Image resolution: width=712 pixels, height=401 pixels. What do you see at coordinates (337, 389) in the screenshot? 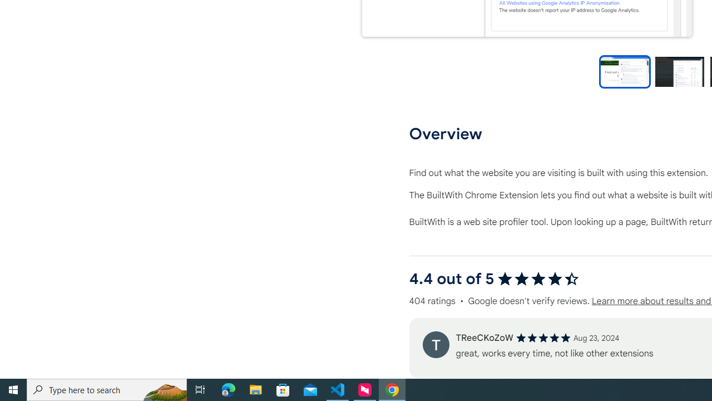
I see `'Visual Studio Code - 1 running window'` at bounding box center [337, 389].